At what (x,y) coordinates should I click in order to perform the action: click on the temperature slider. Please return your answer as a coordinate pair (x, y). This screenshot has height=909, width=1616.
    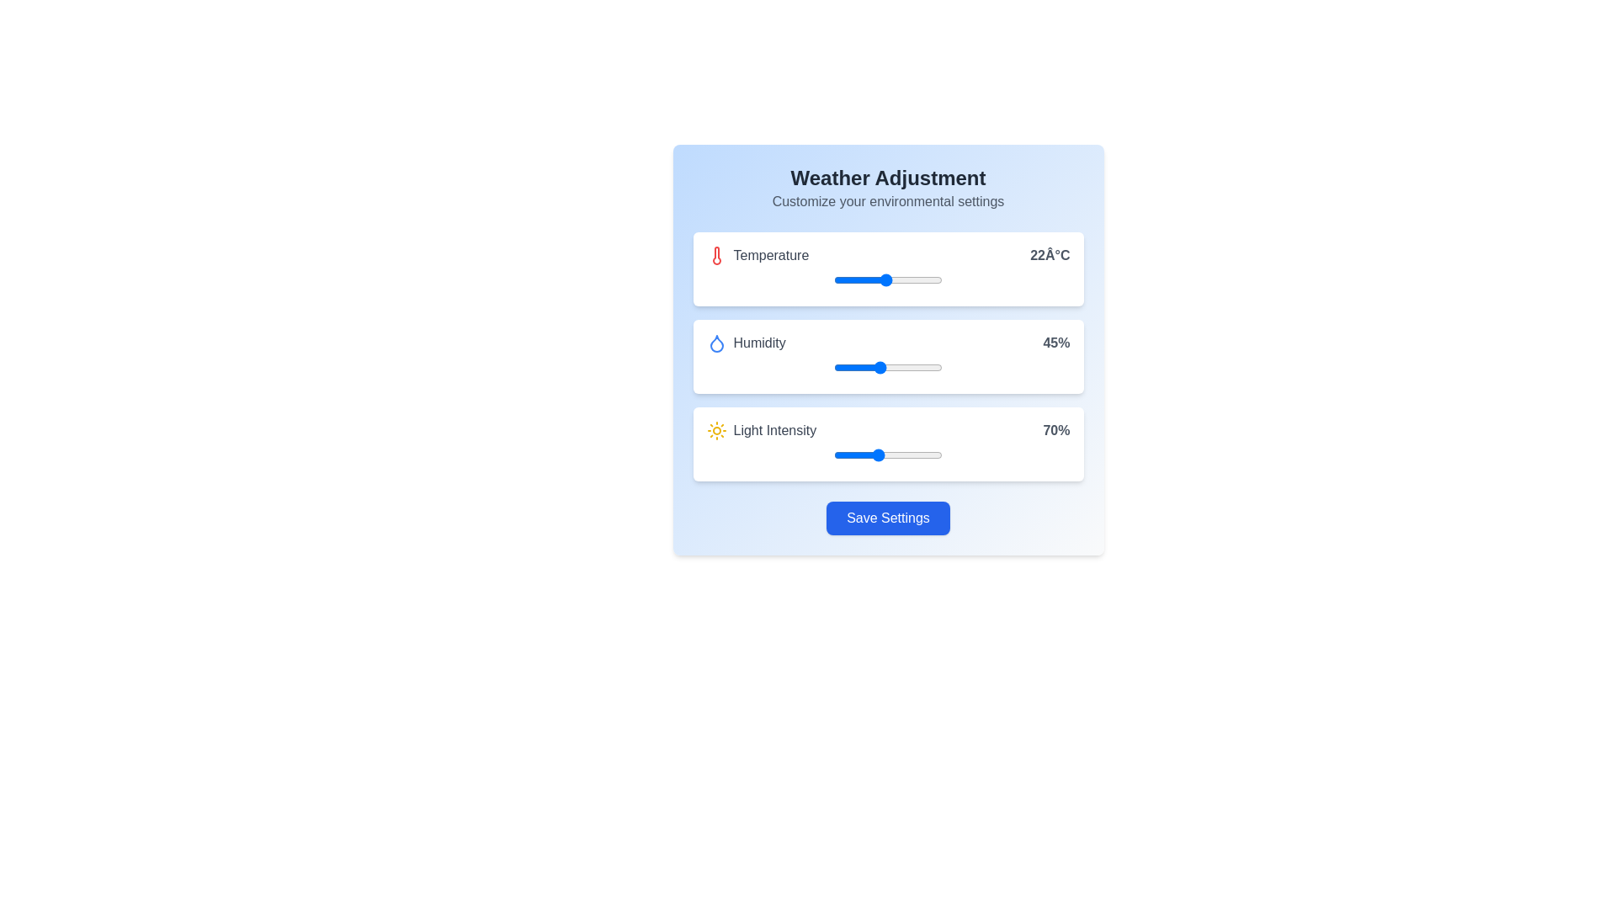
    Looking at the image, I should click on (924, 279).